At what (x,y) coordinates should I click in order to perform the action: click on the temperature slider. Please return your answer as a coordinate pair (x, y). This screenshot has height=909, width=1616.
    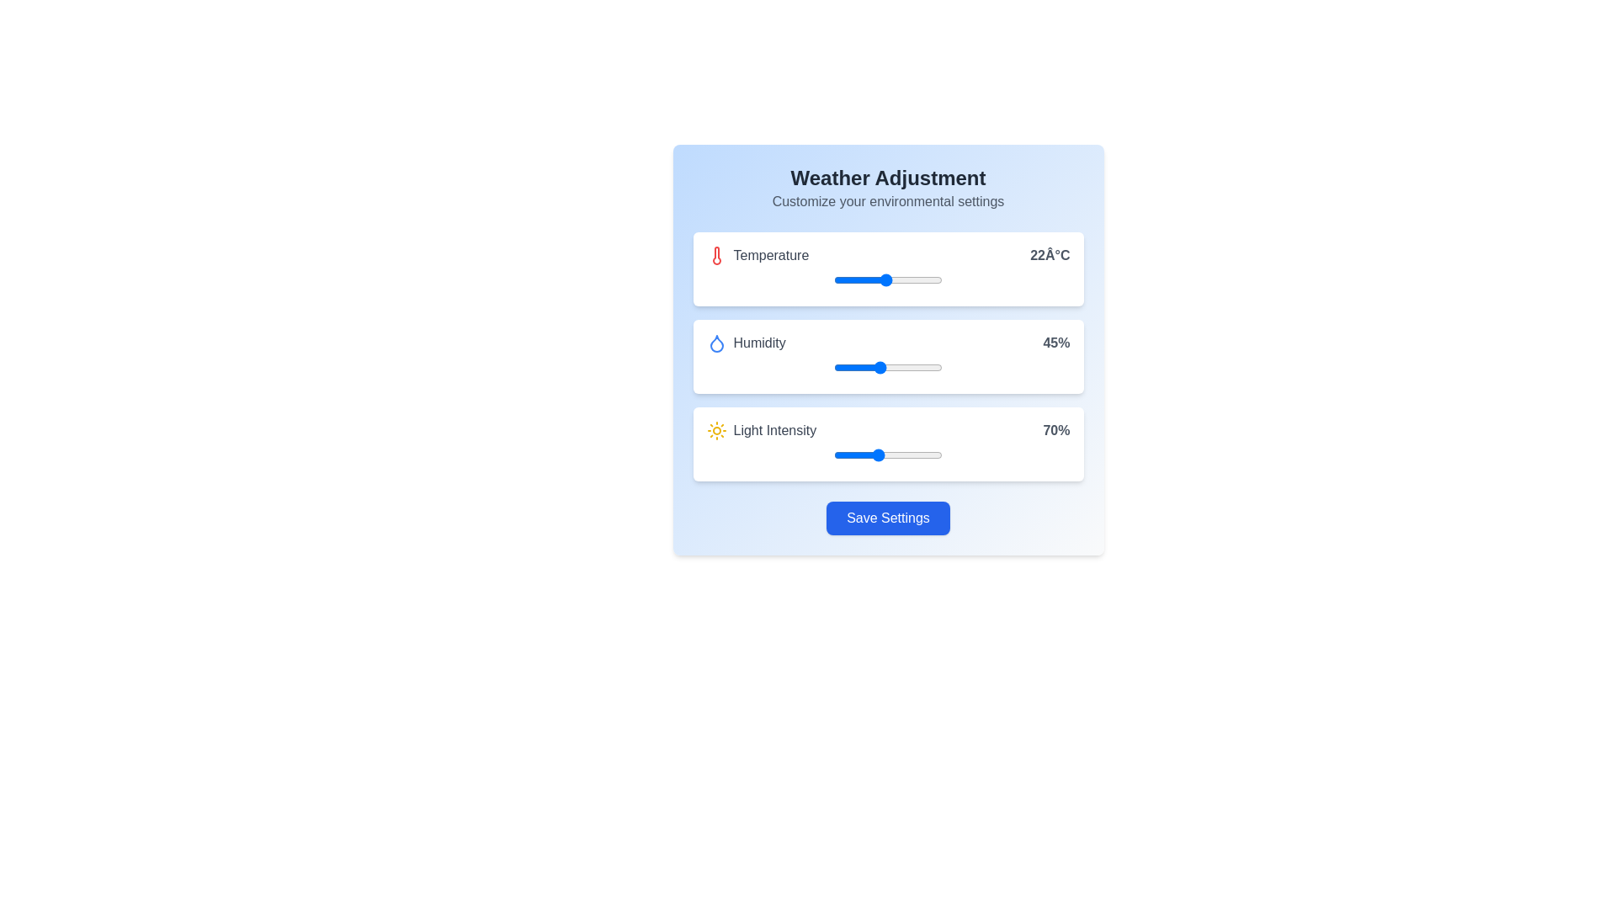
    Looking at the image, I should click on (924, 279).